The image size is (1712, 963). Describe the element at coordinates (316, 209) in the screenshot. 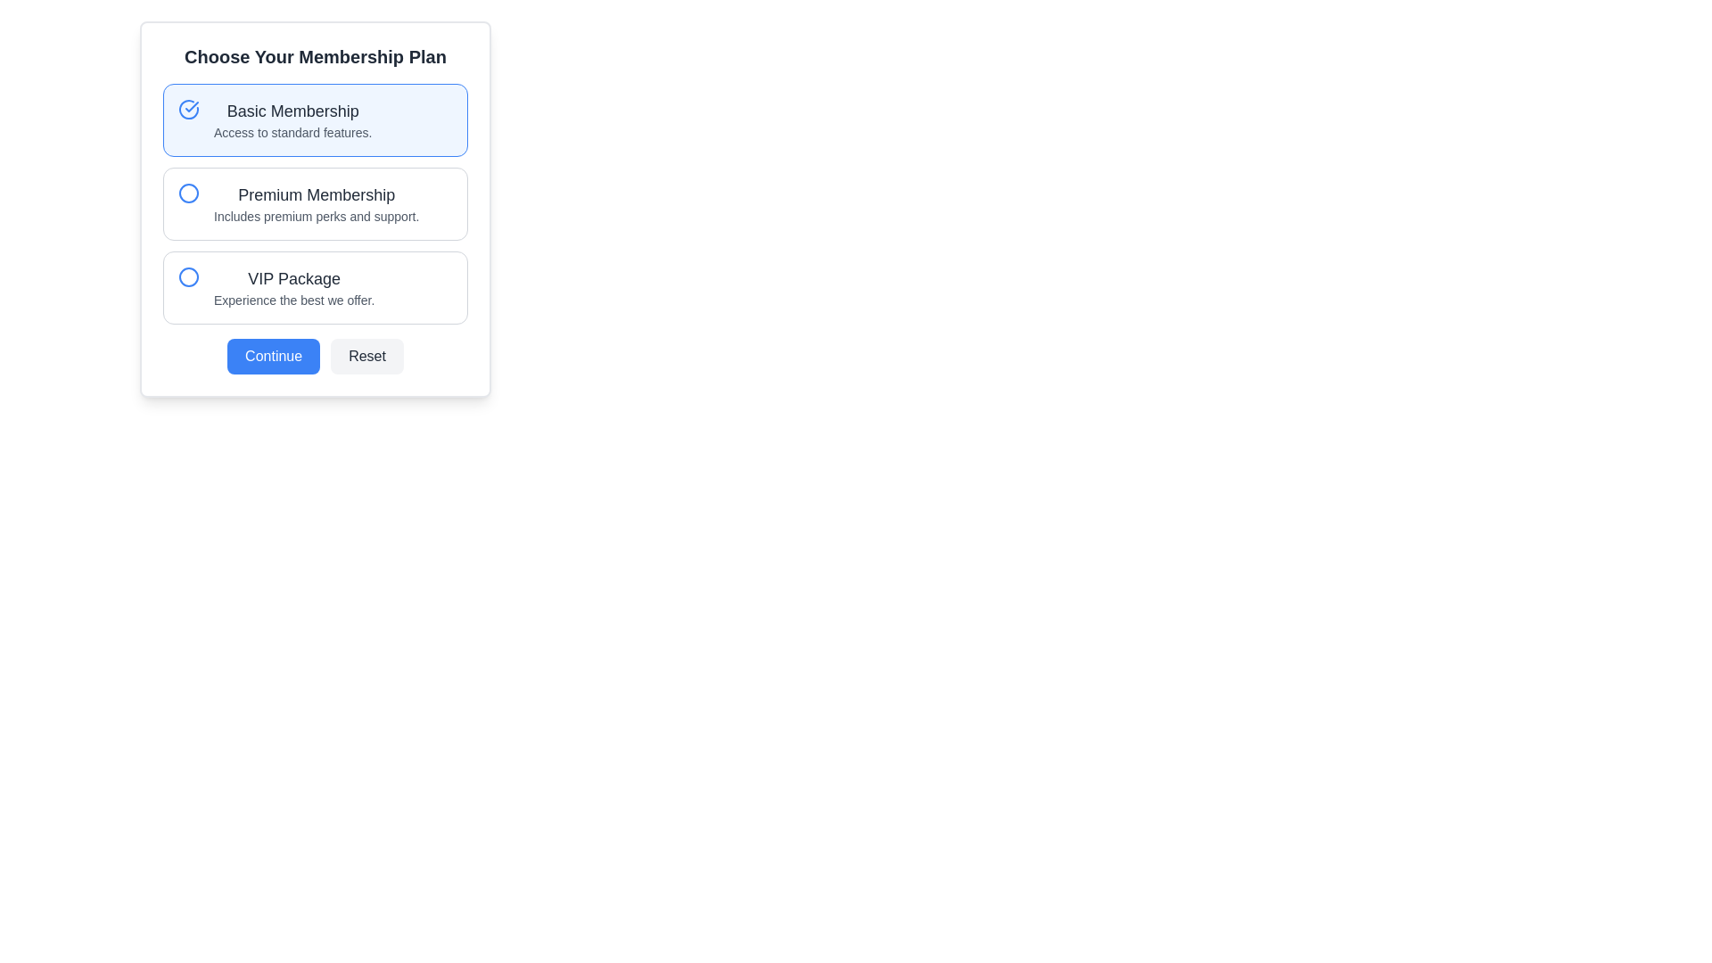

I see `the Premium Membership Option Card, which is the second card in a vertical stack of three options` at that location.